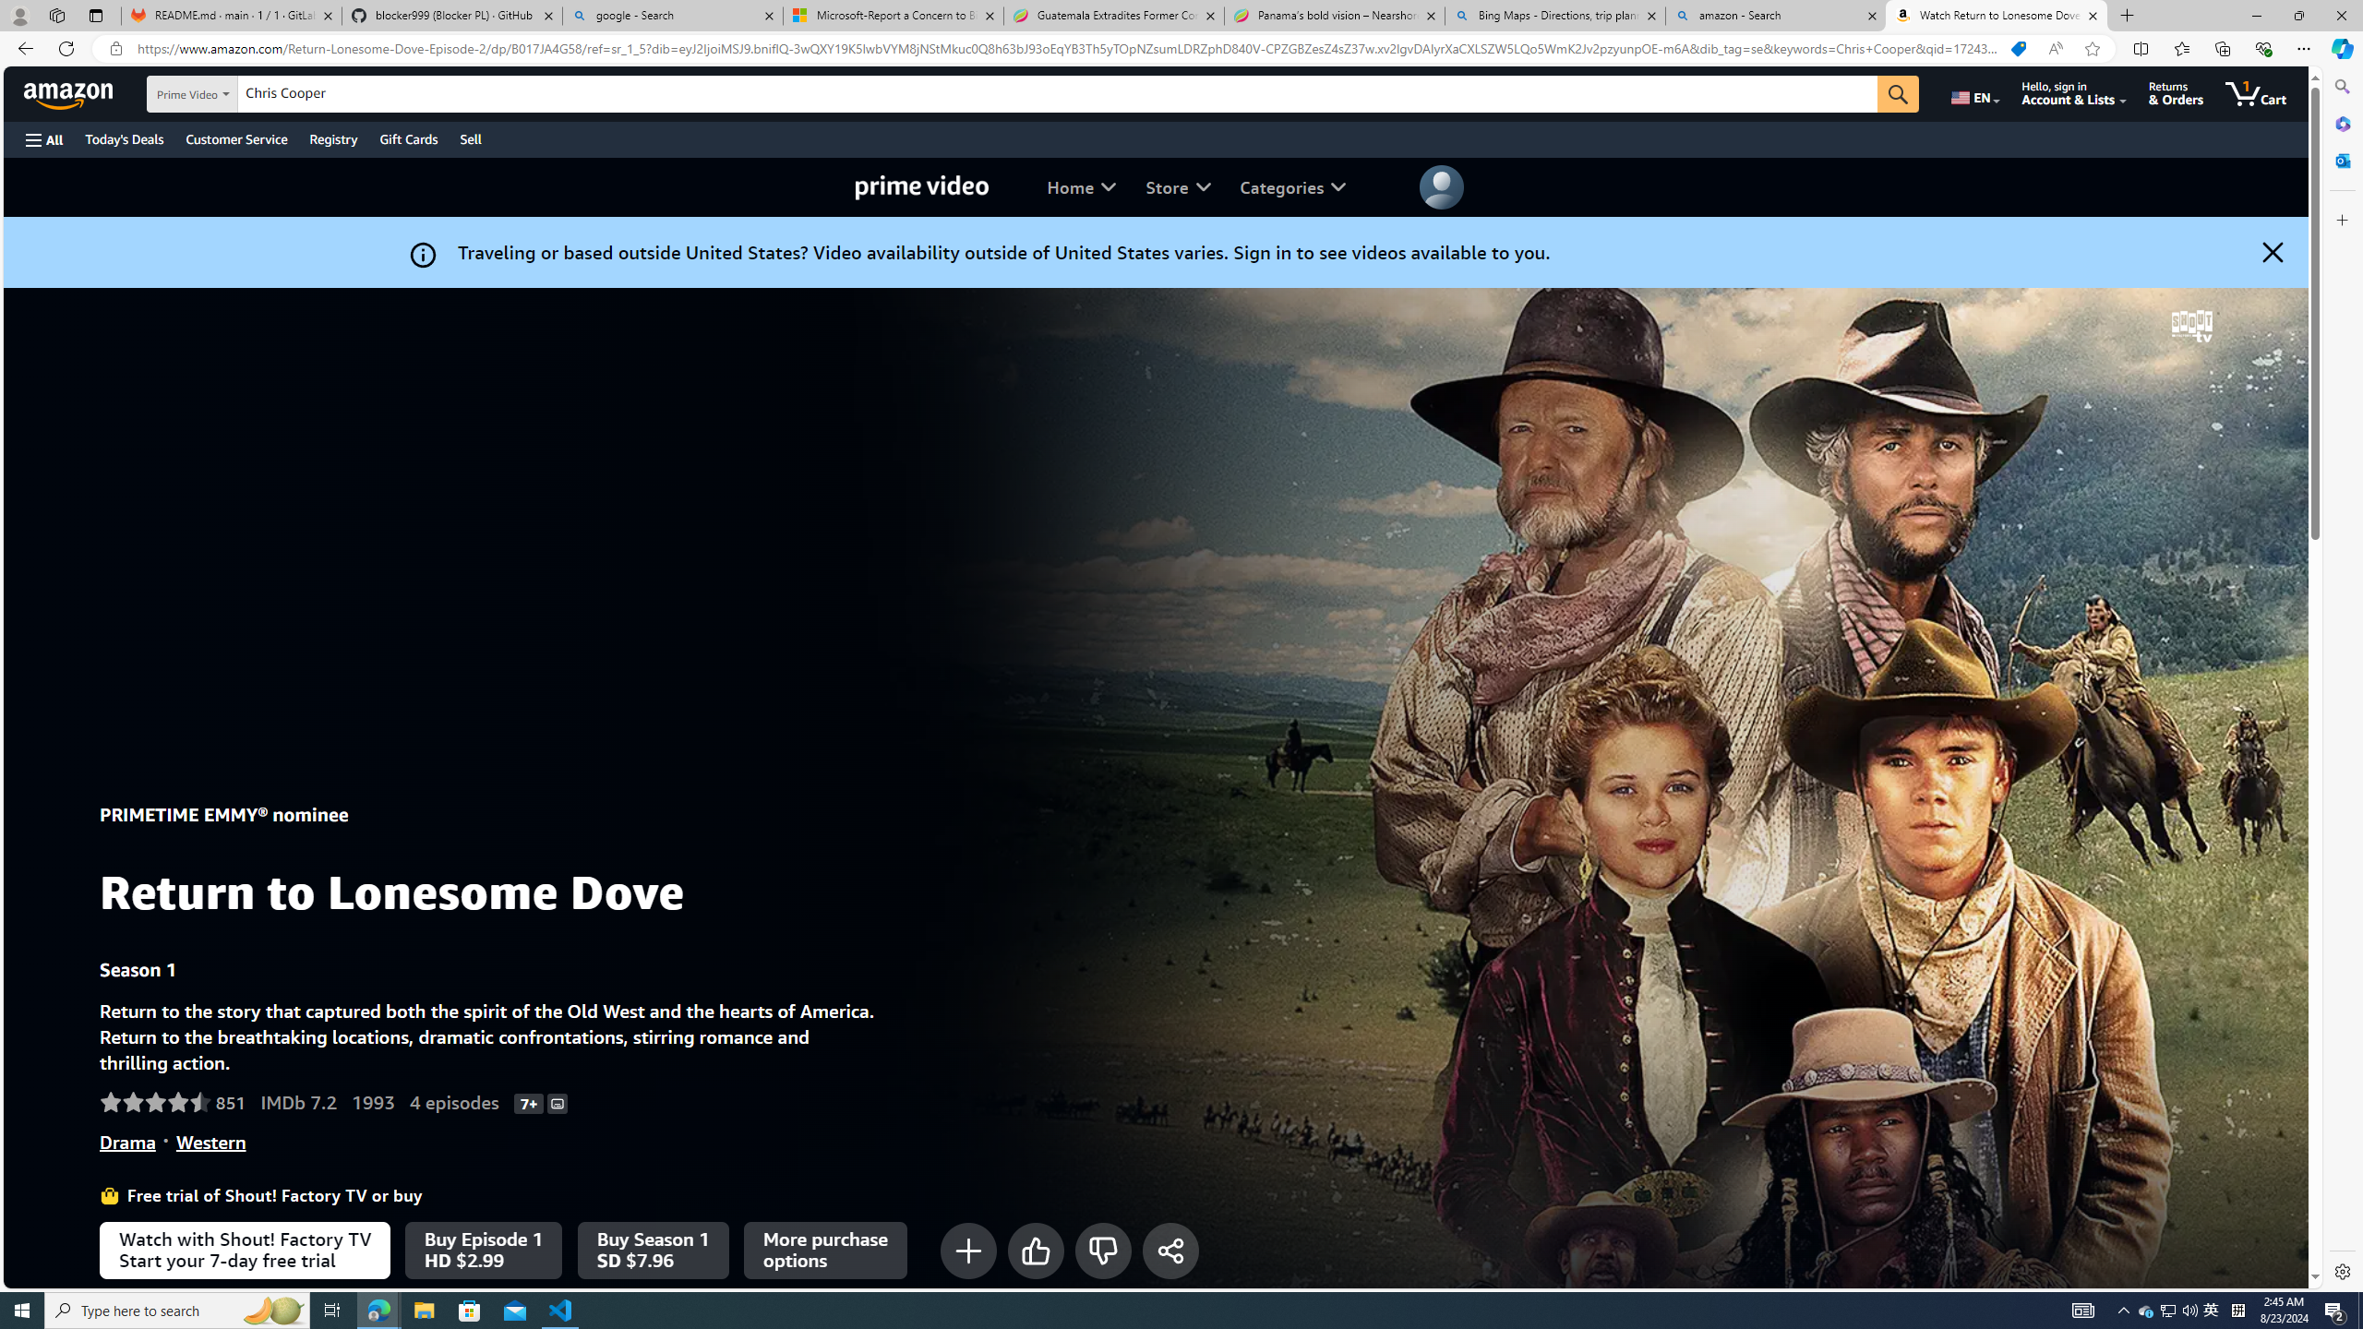 This screenshot has height=1329, width=2363. What do you see at coordinates (2190, 325) in the screenshot?
I see `'Channel logo'` at bounding box center [2190, 325].